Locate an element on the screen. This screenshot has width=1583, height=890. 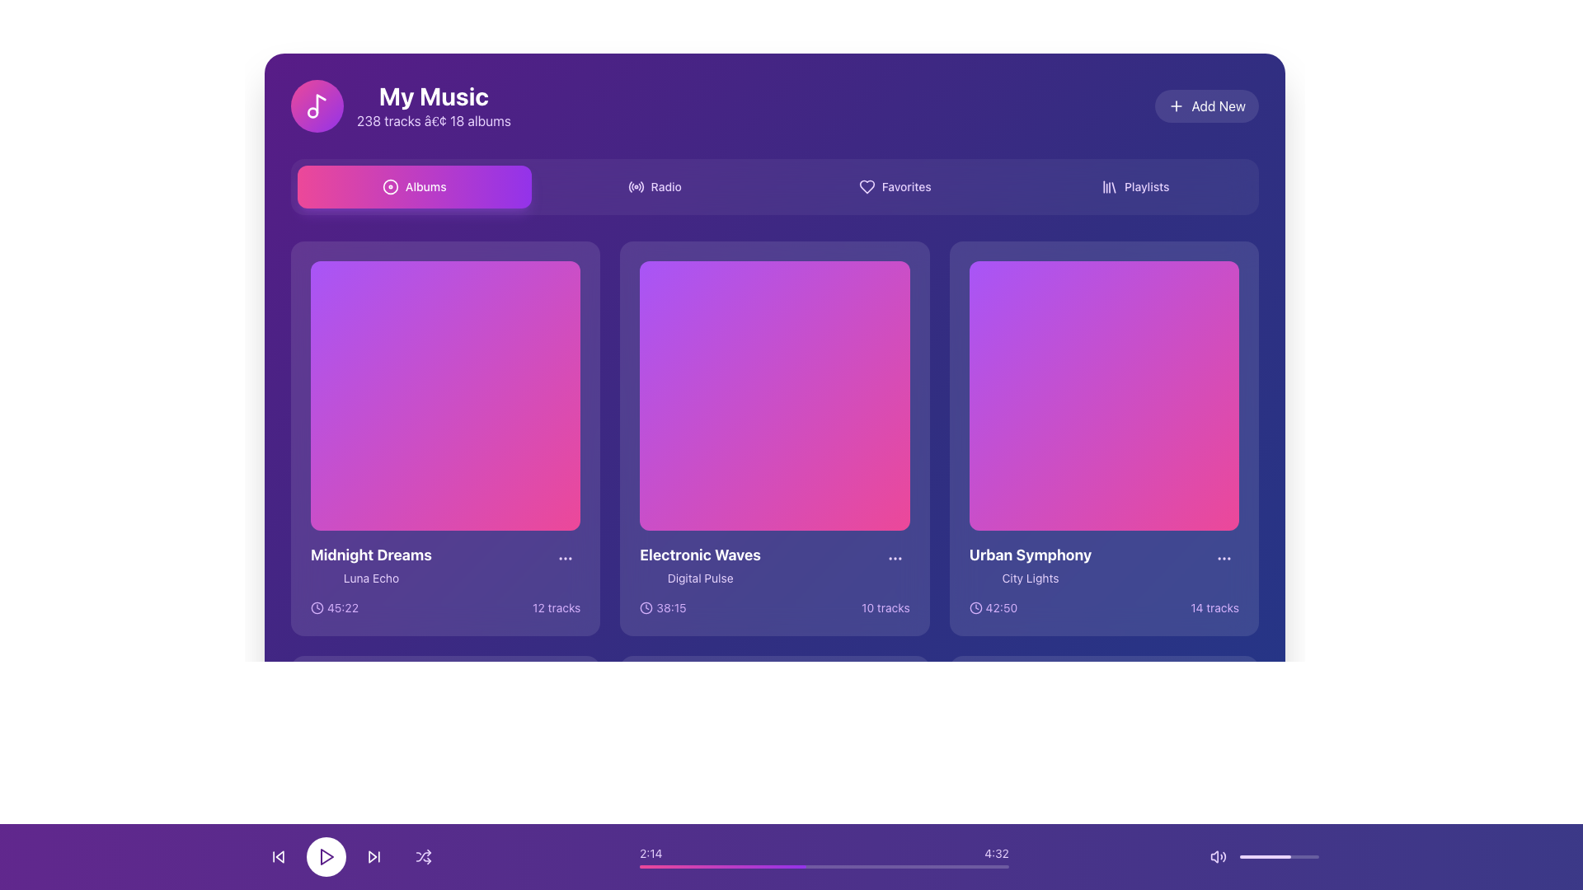
volume is located at coordinates (1308, 856).